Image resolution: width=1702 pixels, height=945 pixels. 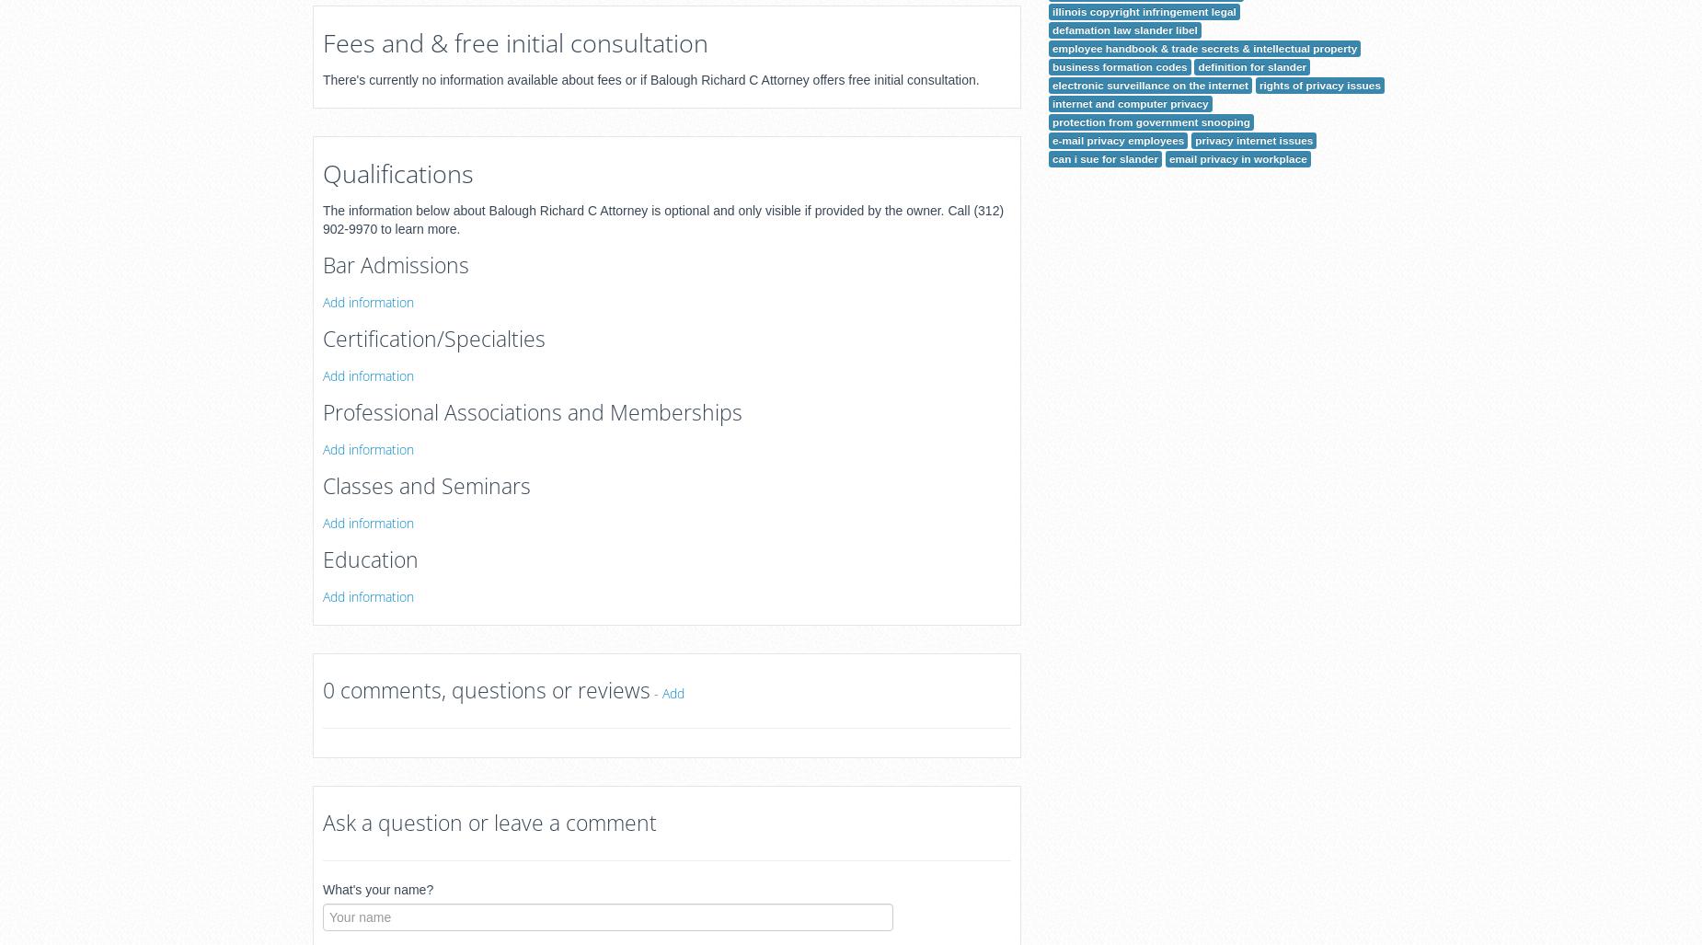 What do you see at coordinates (321, 77) in the screenshot?
I see `'There's currently no information available about fees or if Balough Richard C Attorney offers free initial consultation.'` at bounding box center [321, 77].